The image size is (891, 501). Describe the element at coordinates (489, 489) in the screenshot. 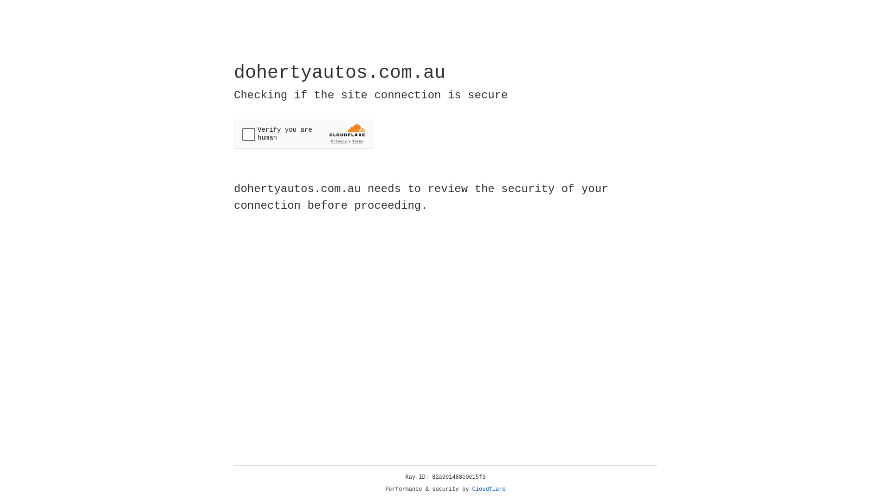

I see `'Cloudflare'` at that location.